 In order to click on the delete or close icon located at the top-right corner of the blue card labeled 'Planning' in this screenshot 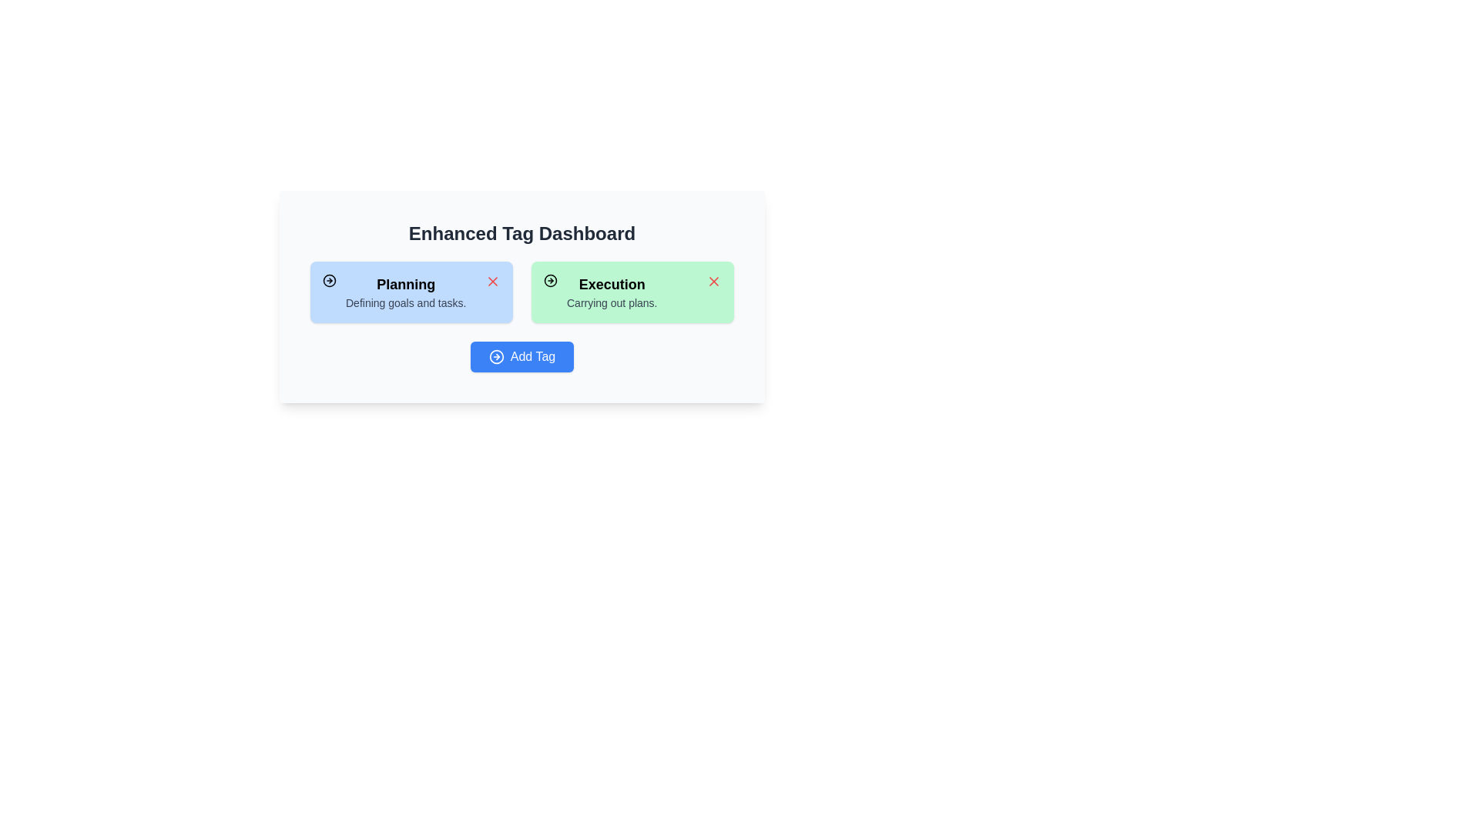, I will do `click(491, 282)`.